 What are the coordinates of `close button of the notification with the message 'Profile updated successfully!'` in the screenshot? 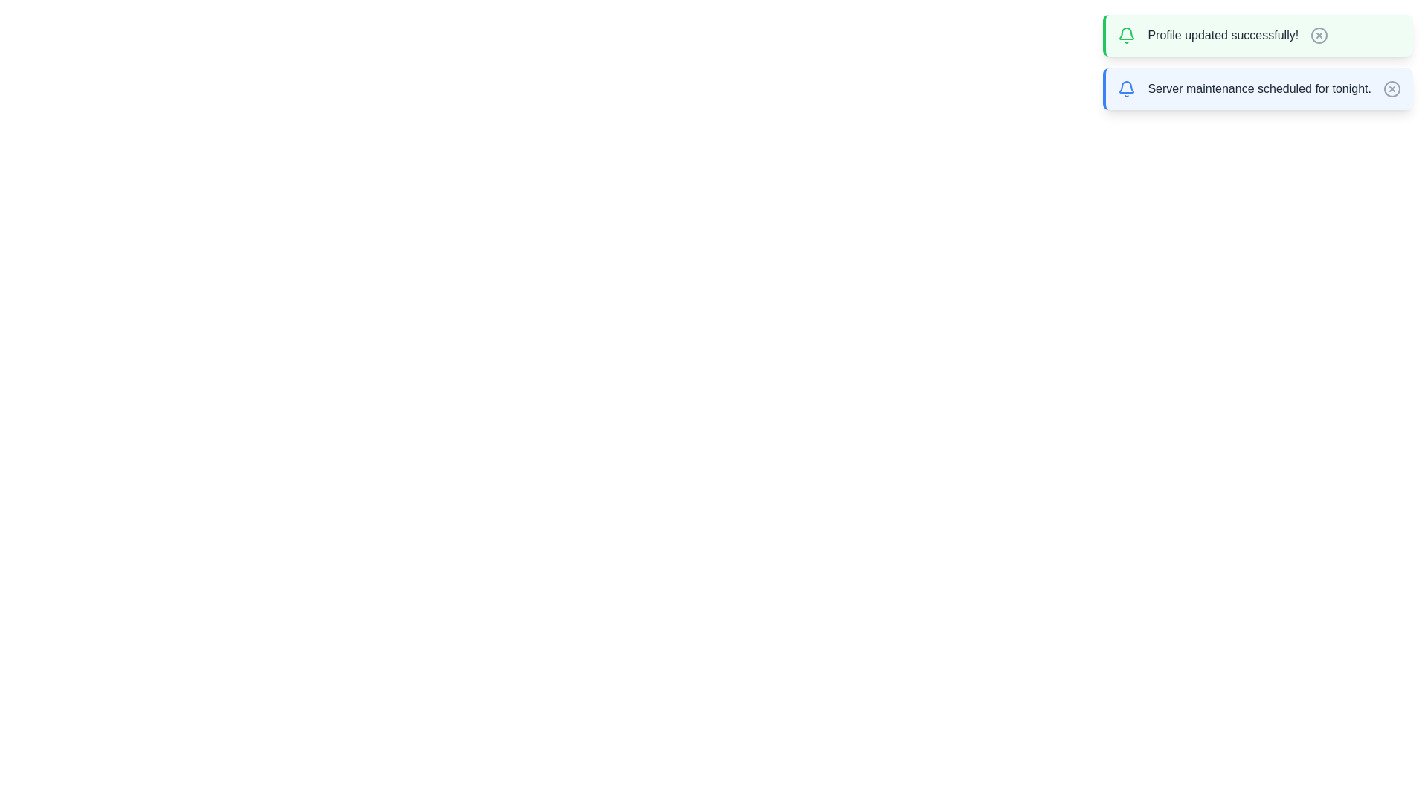 It's located at (1319, 34).